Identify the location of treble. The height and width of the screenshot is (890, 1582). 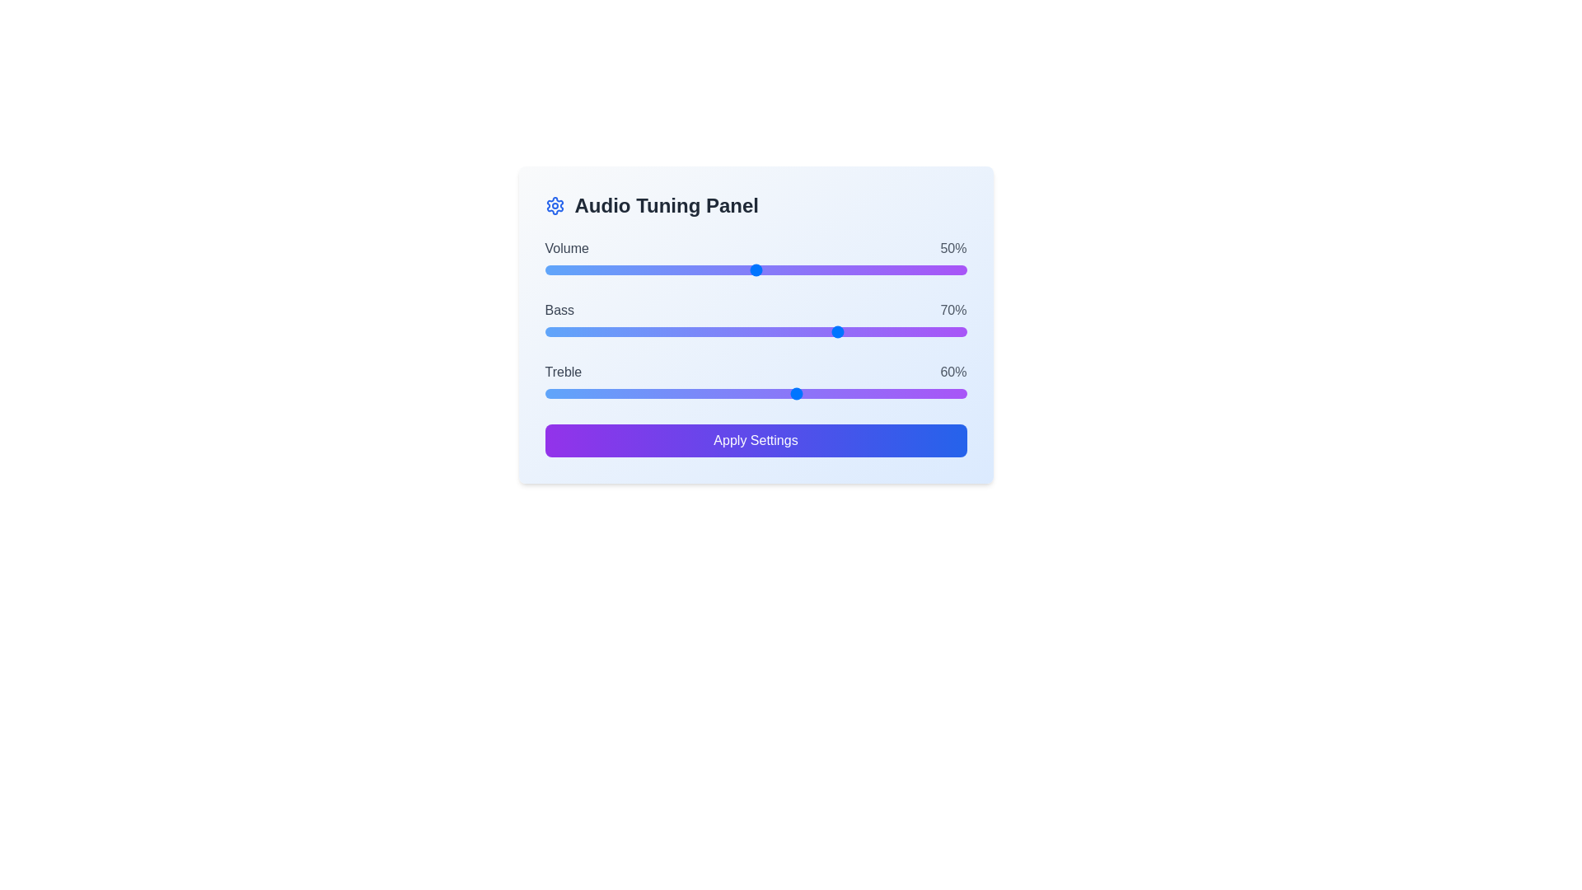
(718, 394).